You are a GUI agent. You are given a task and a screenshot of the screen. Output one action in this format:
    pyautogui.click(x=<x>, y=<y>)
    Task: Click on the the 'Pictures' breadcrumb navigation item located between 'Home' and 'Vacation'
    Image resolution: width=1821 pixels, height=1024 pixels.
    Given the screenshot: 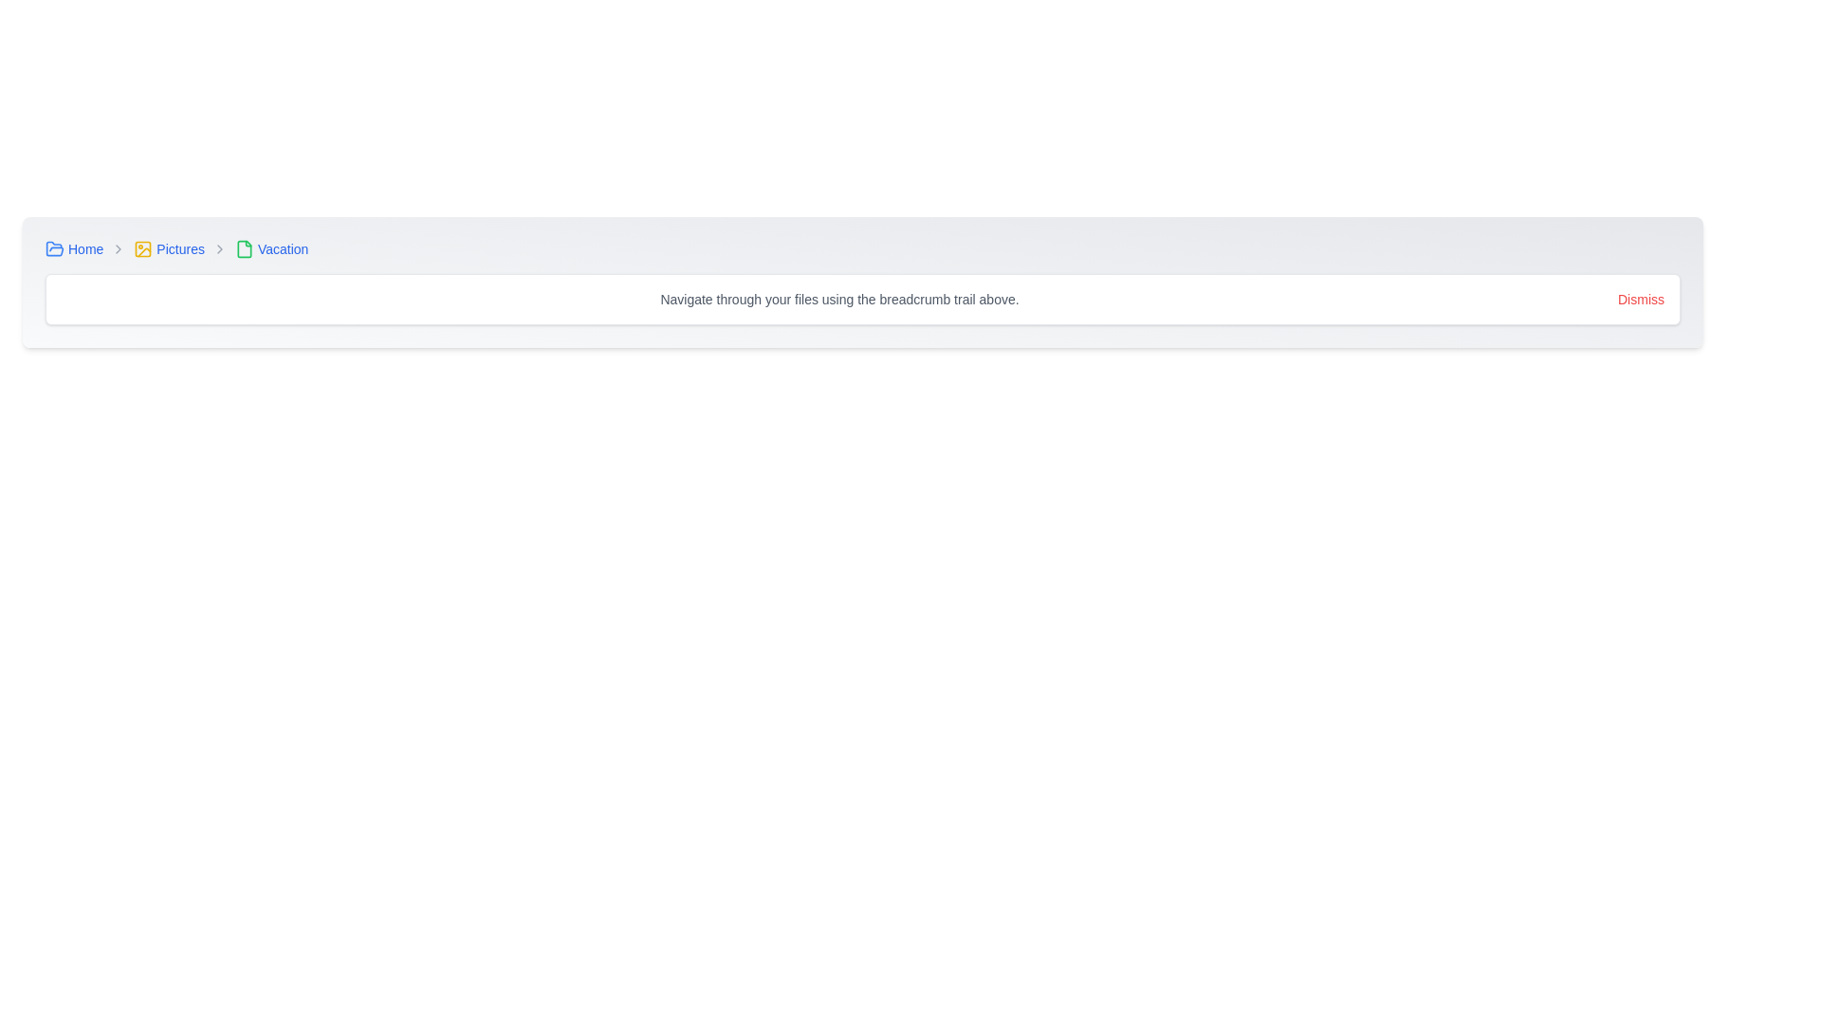 What is the action you would take?
    pyautogui.click(x=169, y=247)
    